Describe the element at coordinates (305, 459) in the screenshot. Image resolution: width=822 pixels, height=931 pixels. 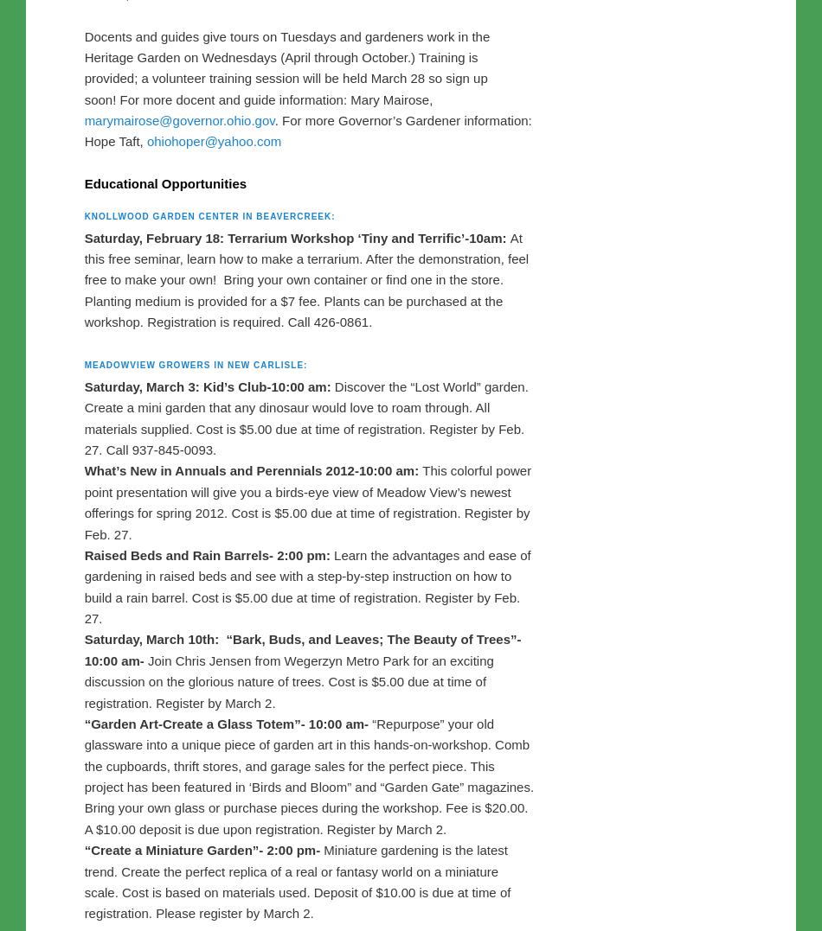
I see `'Discover the “Lost World” garden. Create a mini garden that any dinosaur would love to roam through. All materials supplied. Cost is $5.00 due at time of registration. Register by Feb. 27. Call 937-845-0093.'` at that location.